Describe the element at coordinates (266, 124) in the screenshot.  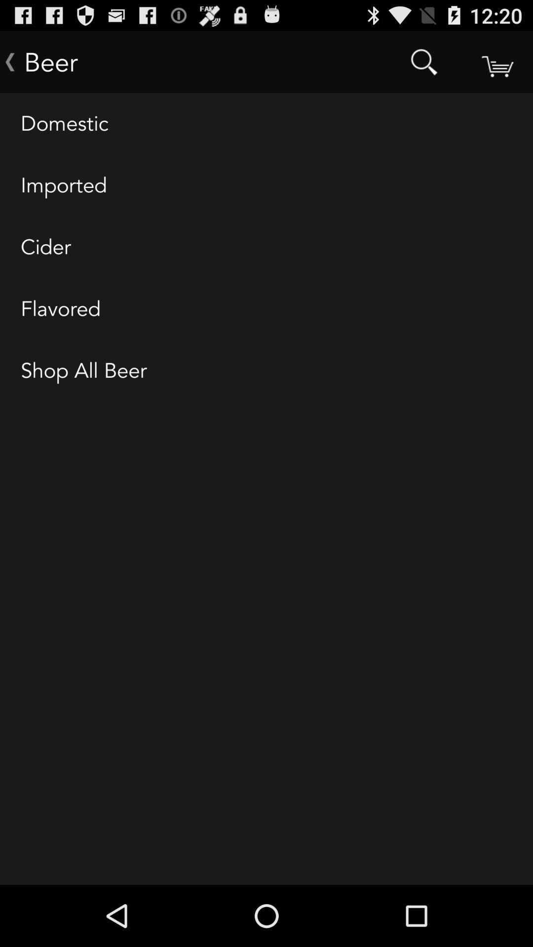
I see `domestic` at that location.